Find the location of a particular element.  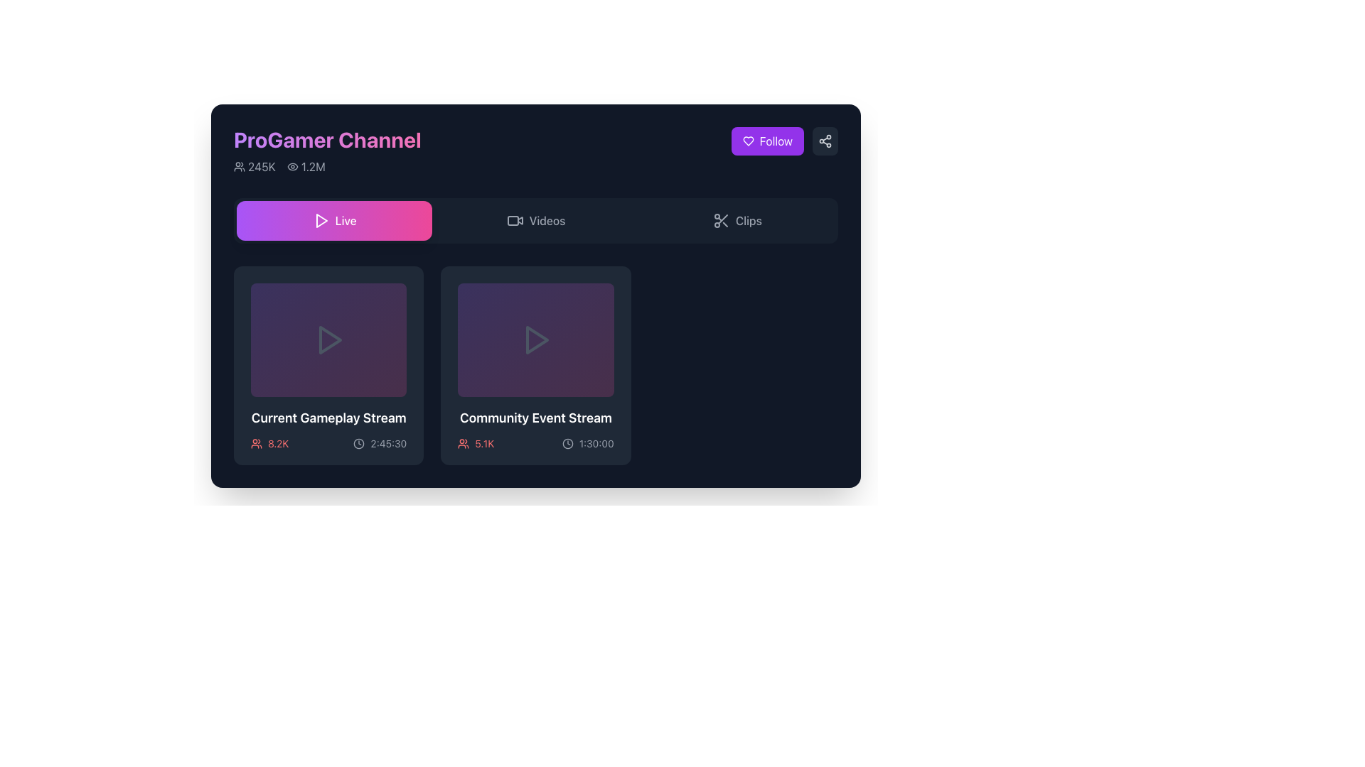

the Text with the gray clock icon and the timestamp '2:45:30' located at the bottom right corner of the 'Current Gameplay Stream' card is located at coordinates (380, 442).